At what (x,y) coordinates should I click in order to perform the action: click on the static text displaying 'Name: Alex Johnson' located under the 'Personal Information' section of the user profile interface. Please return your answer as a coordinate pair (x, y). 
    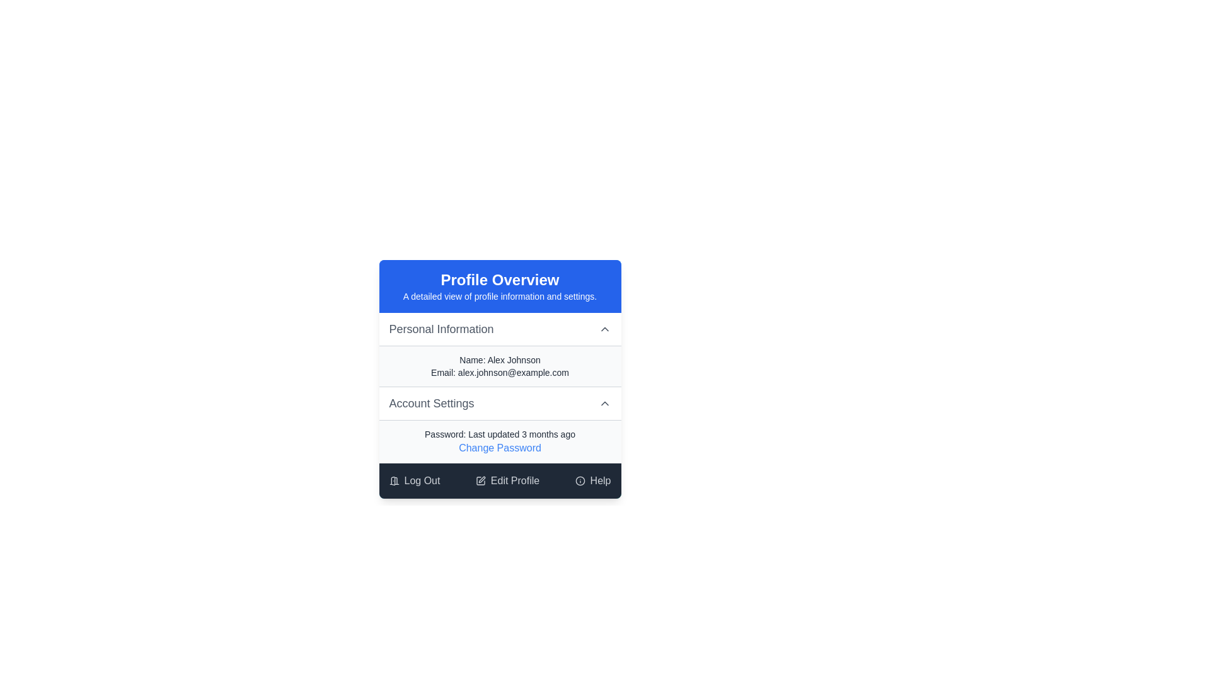
    Looking at the image, I should click on (499, 360).